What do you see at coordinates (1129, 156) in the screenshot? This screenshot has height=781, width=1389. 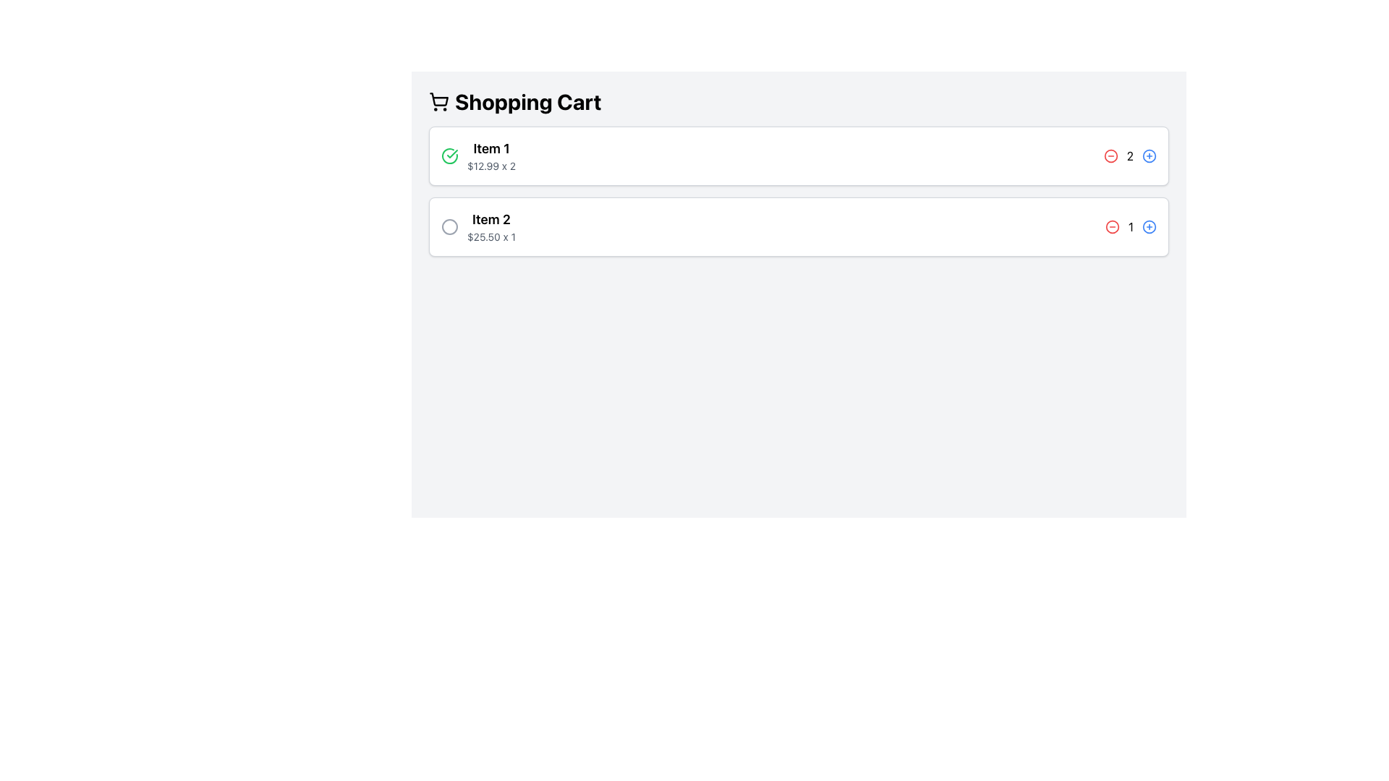 I see `the numeric text label '2' which is bold and black, located in the middle of the group of interactive icons for 'Item 1', between a red minus icon and a blue plus icon` at bounding box center [1129, 156].